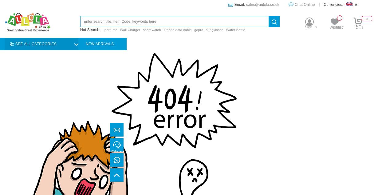 Image resolution: width=378 pixels, height=195 pixels. I want to click on 'sales@aulola.co.uk', so click(262, 5).